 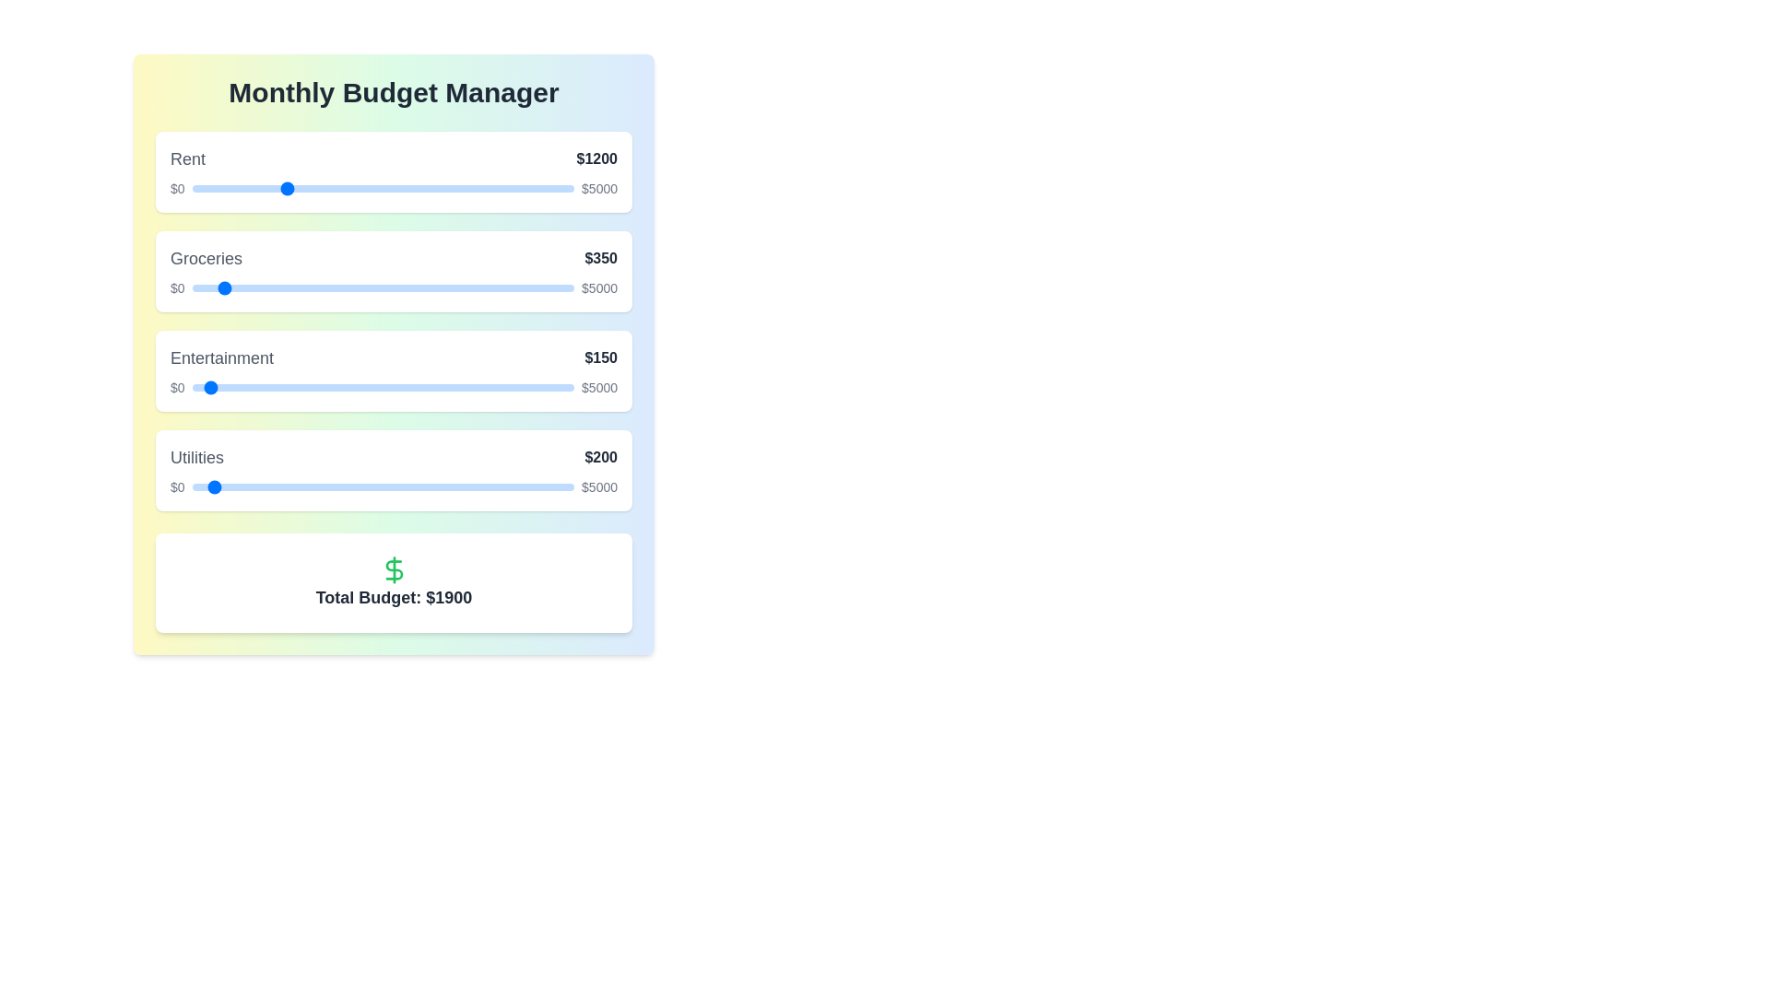 I want to click on the Entertainment budget, so click(x=370, y=386).